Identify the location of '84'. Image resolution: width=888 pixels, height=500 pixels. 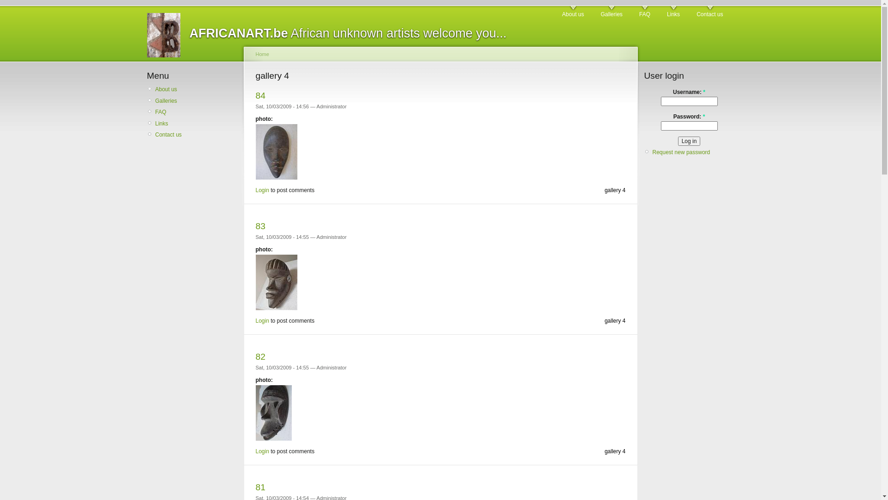
(259, 95).